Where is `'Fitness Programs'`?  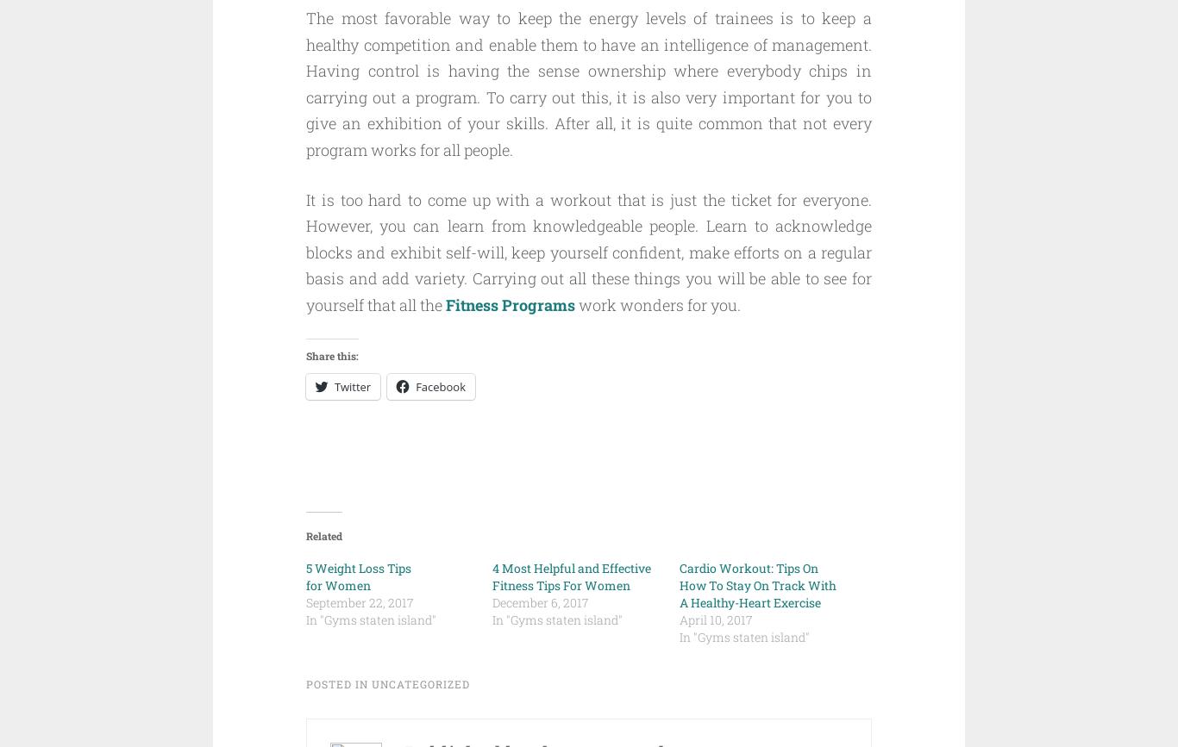 'Fitness Programs' is located at coordinates (446, 304).